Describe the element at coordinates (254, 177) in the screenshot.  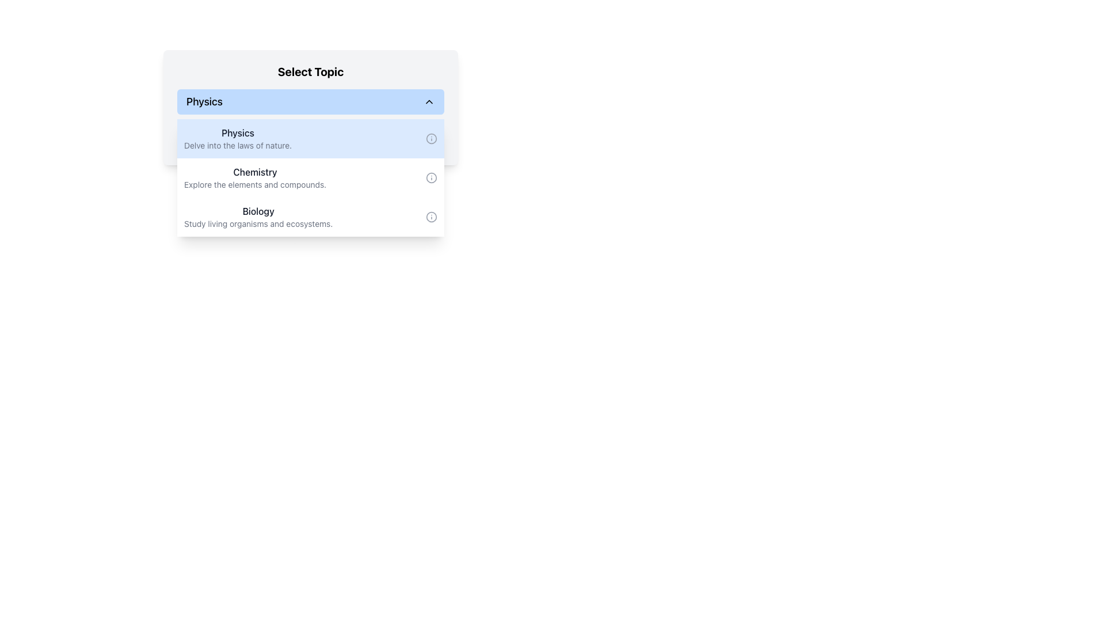
I see `the 'Chemistry' topic list item positioned between 'Physics' and 'Biology' under the 'Select Topic' header` at that location.